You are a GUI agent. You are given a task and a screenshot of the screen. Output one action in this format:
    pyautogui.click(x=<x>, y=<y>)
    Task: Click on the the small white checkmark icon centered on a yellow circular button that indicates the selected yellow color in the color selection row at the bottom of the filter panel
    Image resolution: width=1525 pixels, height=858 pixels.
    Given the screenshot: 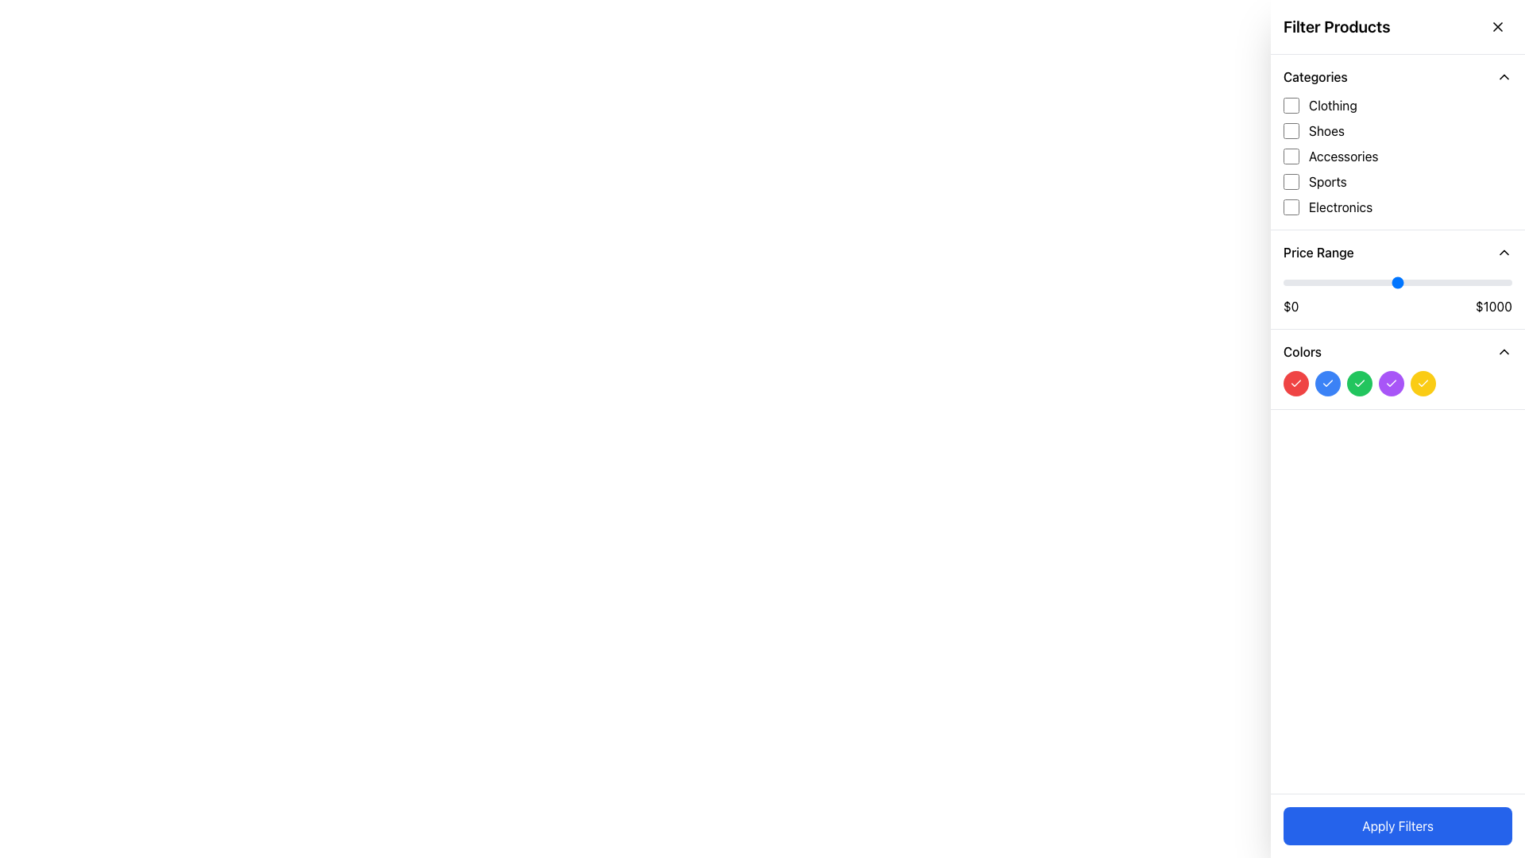 What is the action you would take?
    pyautogui.click(x=1423, y=383)
    